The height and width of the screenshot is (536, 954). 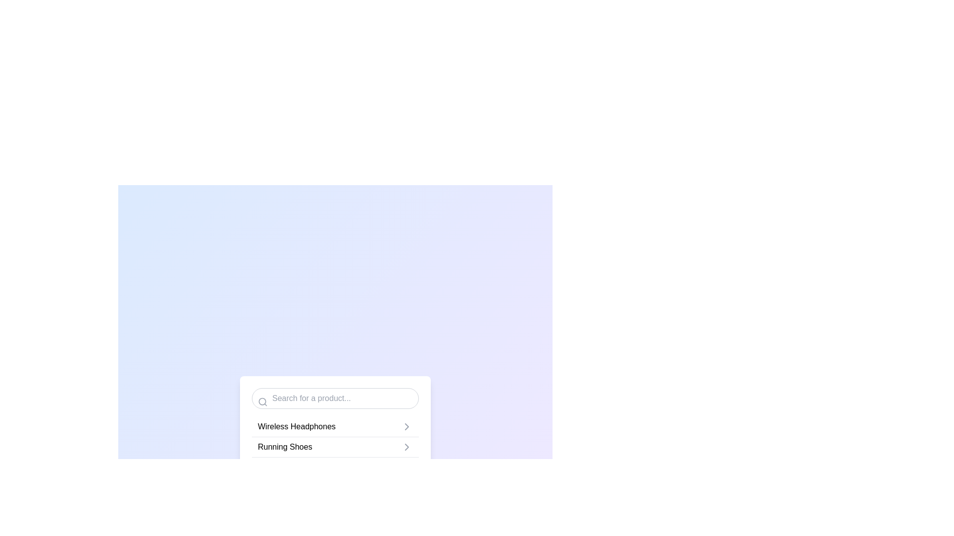 What do you see at coordinates (335, 426) in the screenshot?
I see `the first list item/button for 'Wireless Headphones' located directly below the search bar` at bounding box center [335, 426].